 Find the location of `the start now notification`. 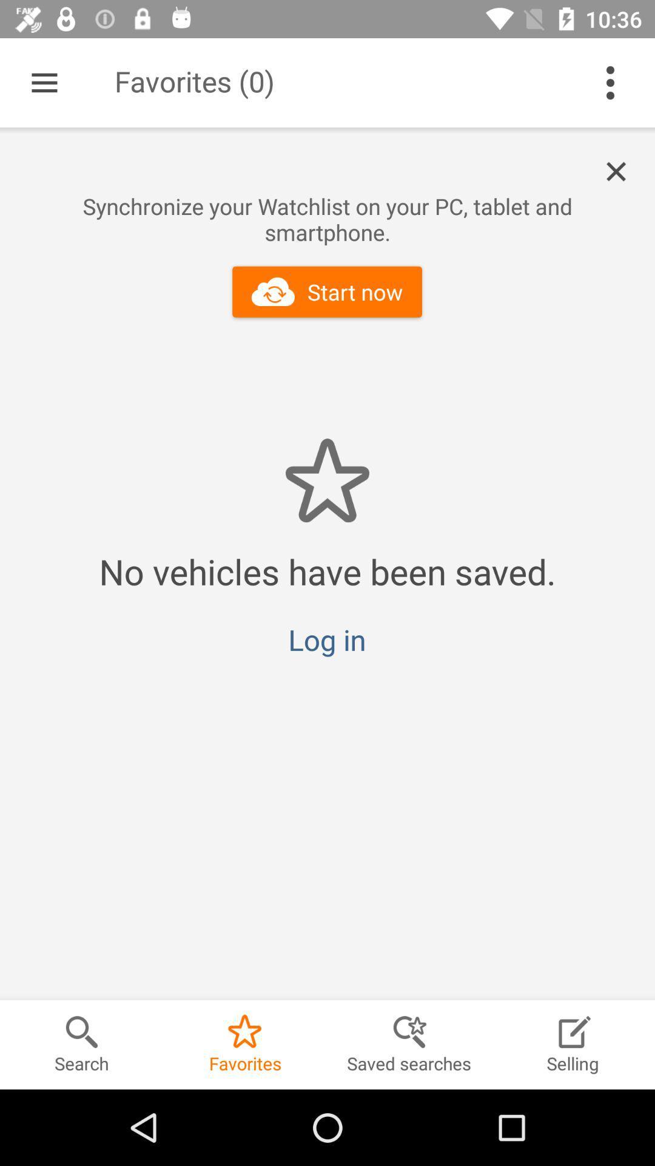

the start now notification is located at coordinates (623, 171).